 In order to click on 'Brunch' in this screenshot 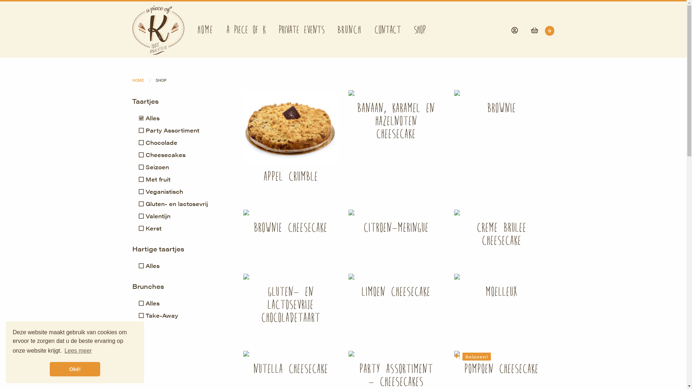, I will do `click(349, 30)`.